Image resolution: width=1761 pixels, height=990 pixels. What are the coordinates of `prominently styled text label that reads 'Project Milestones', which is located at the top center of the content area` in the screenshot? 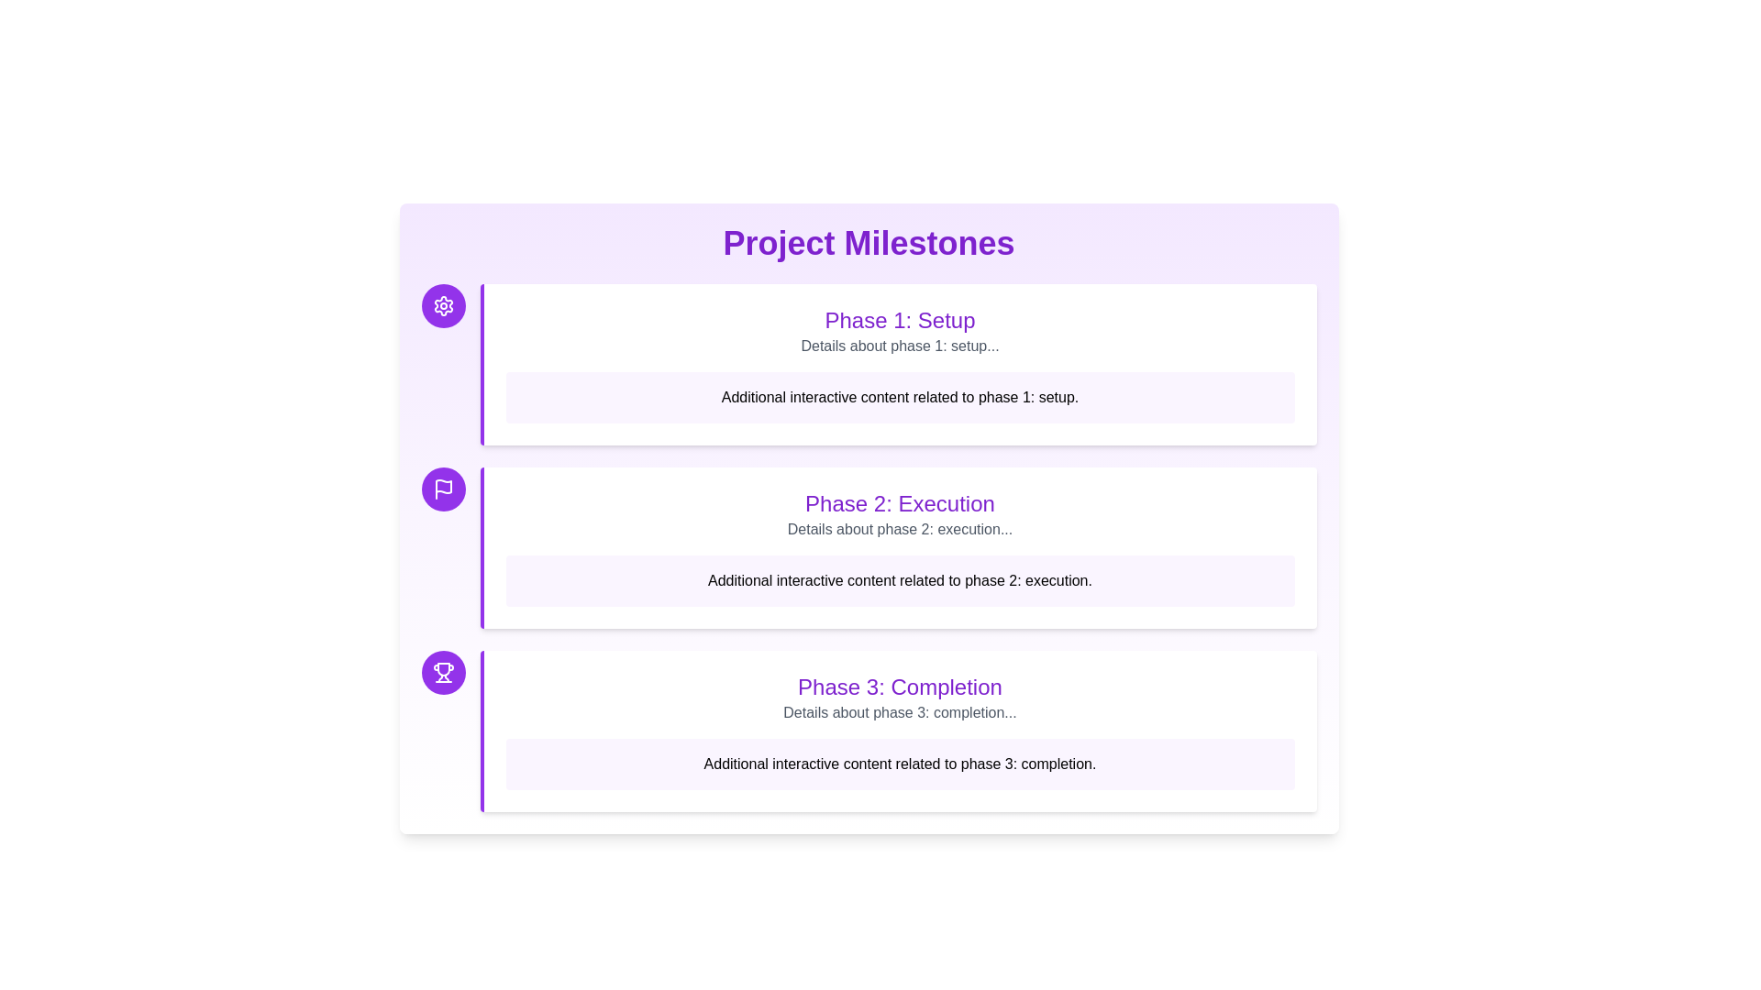 It's located at (868, 243).